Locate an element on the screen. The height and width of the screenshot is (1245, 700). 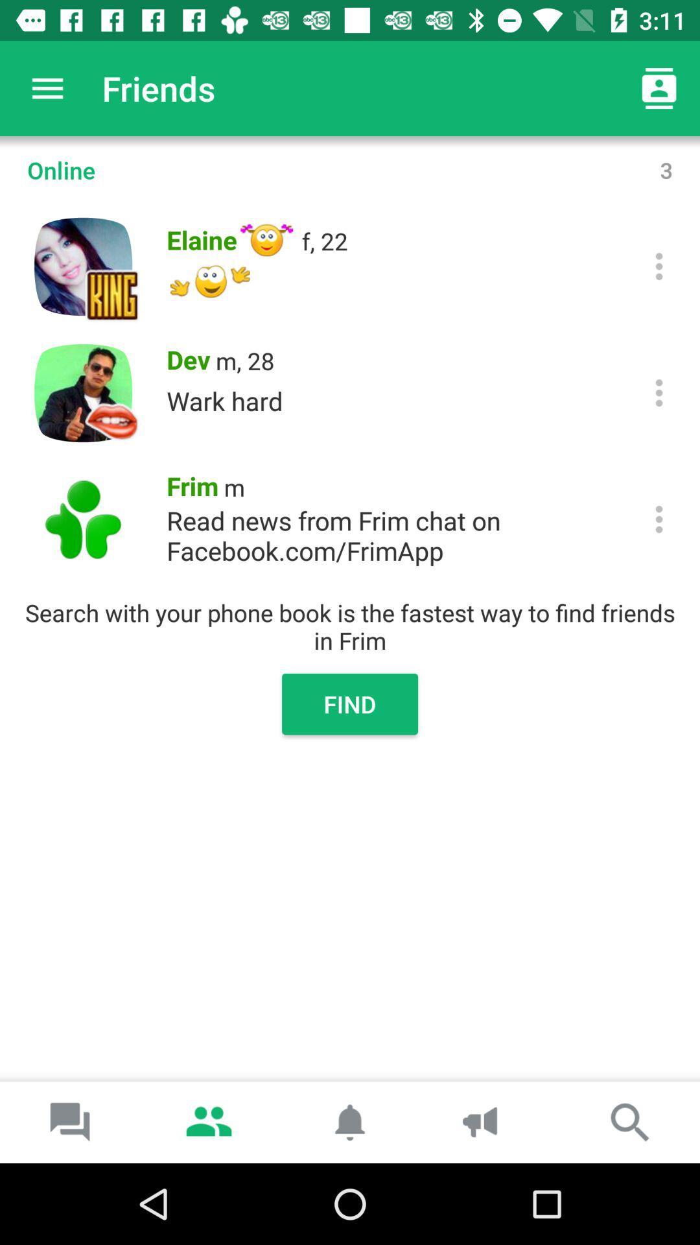
expand details is located at coordinates (659, 266).